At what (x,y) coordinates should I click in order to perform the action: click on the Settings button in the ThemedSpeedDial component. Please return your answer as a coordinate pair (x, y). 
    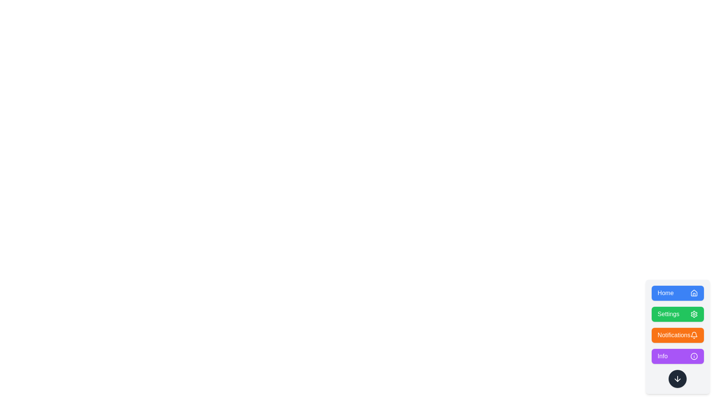
    Looking at the image, I should click on (678, 314).